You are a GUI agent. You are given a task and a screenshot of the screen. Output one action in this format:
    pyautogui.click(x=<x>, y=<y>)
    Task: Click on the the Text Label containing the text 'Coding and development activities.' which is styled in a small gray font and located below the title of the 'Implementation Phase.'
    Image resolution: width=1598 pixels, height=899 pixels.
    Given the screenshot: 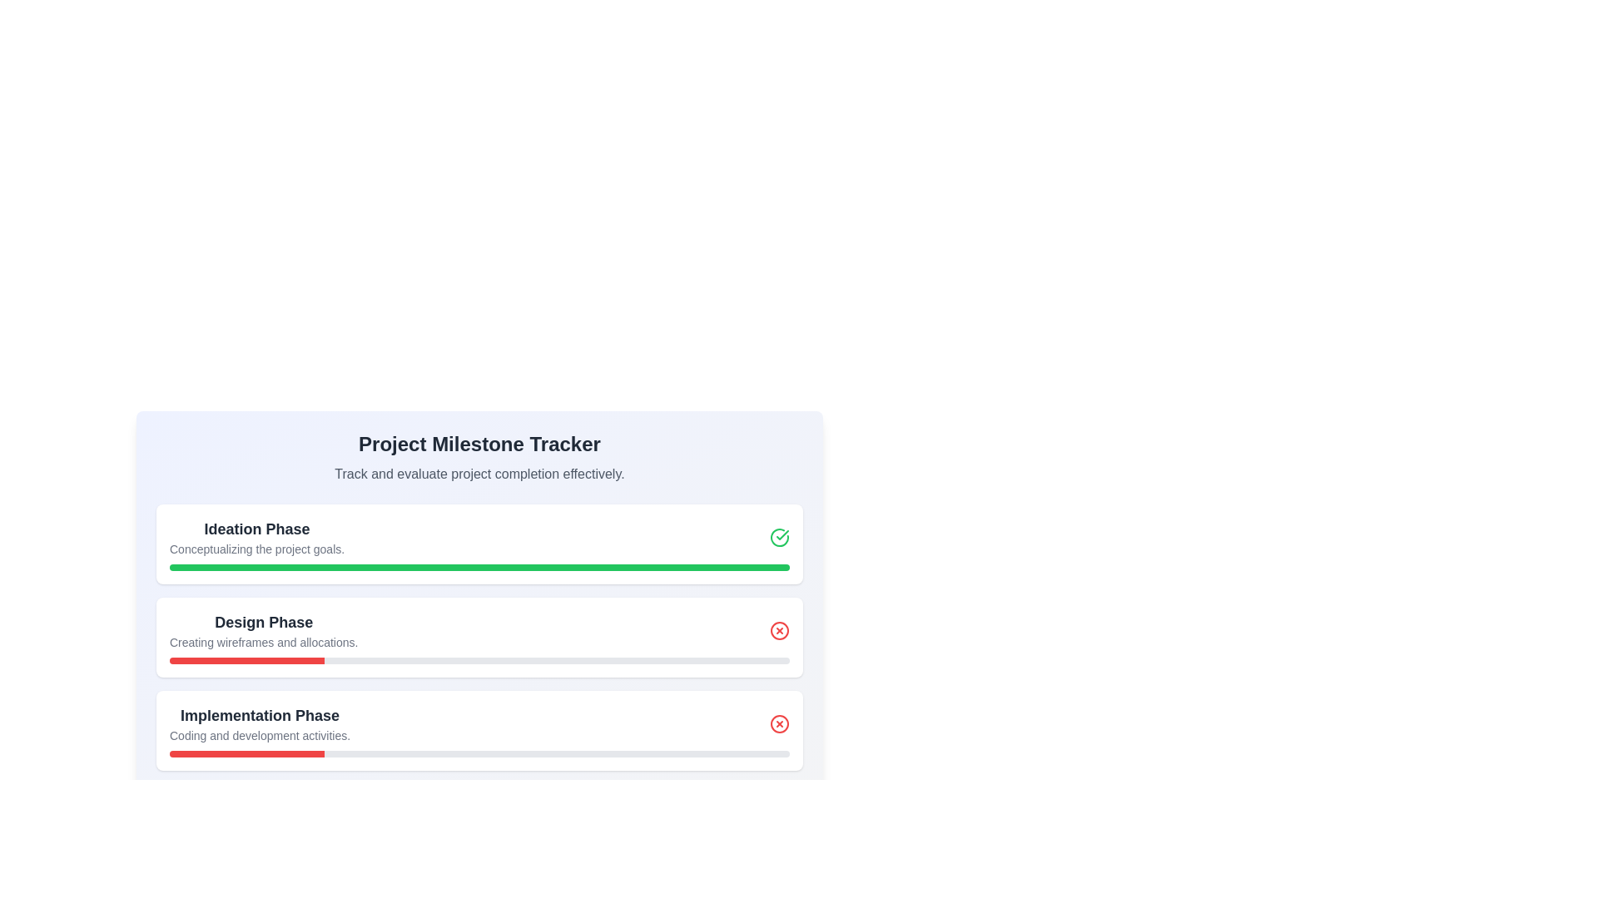 What is the action you would take?
    pyautogui.click(x=259, y=734)
    